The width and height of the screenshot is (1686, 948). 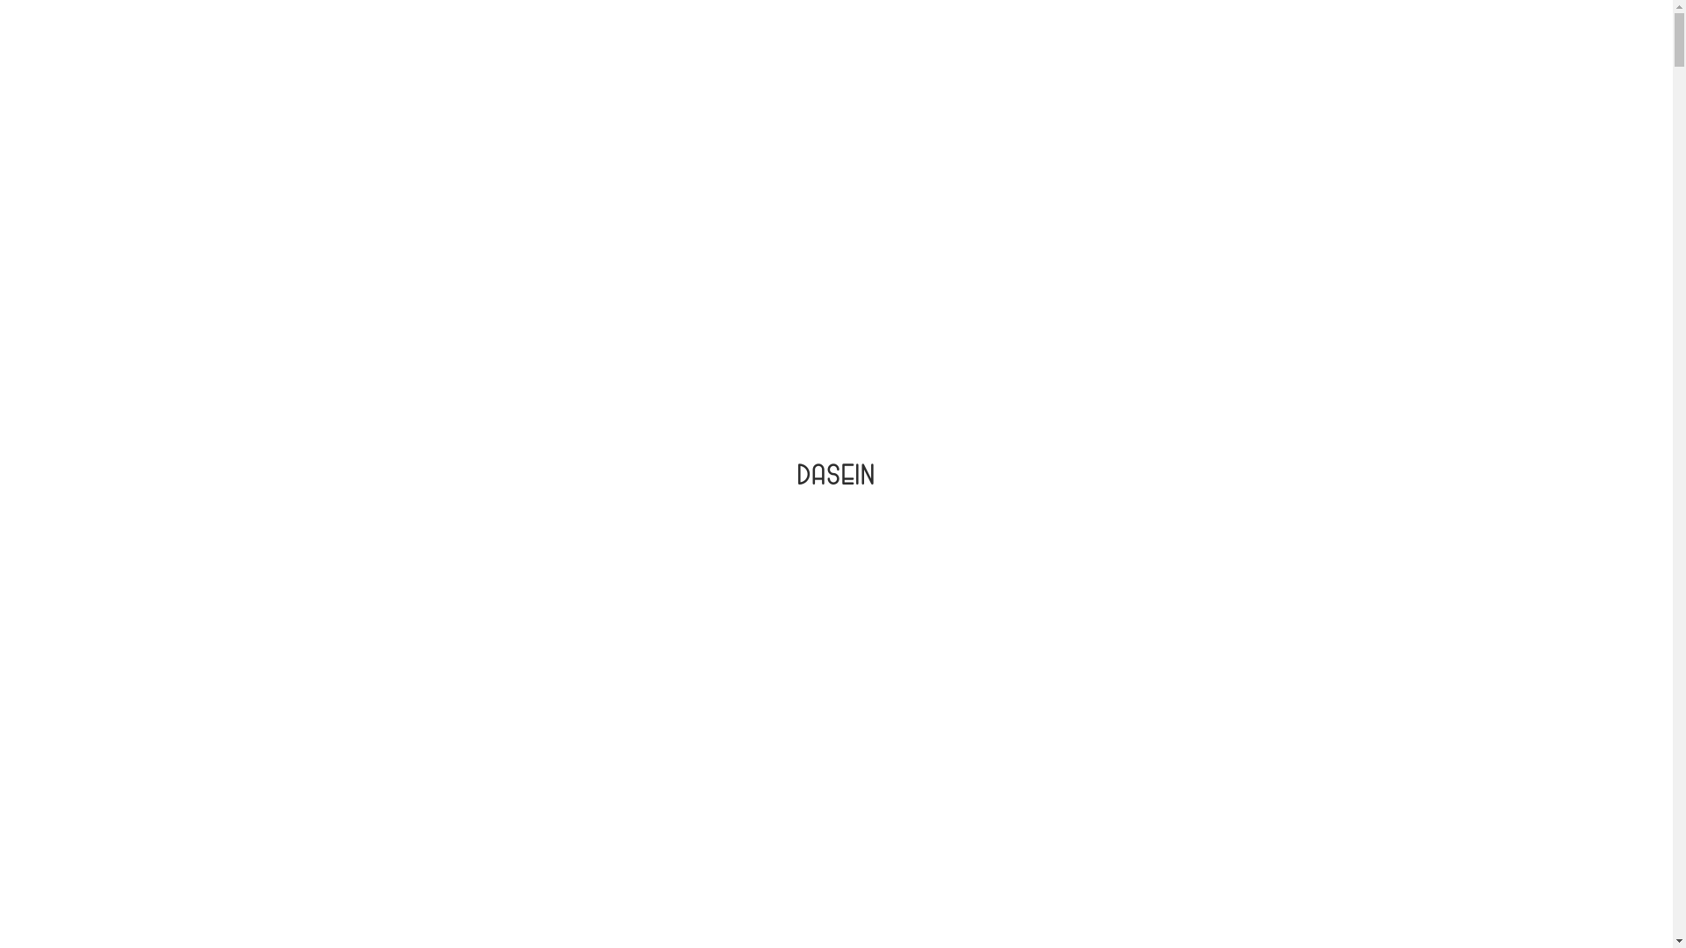 What do you see at coordinates (1324, 63) in the screenshot?
I see `'CONTACT'` at bounding box center [1324, 63].